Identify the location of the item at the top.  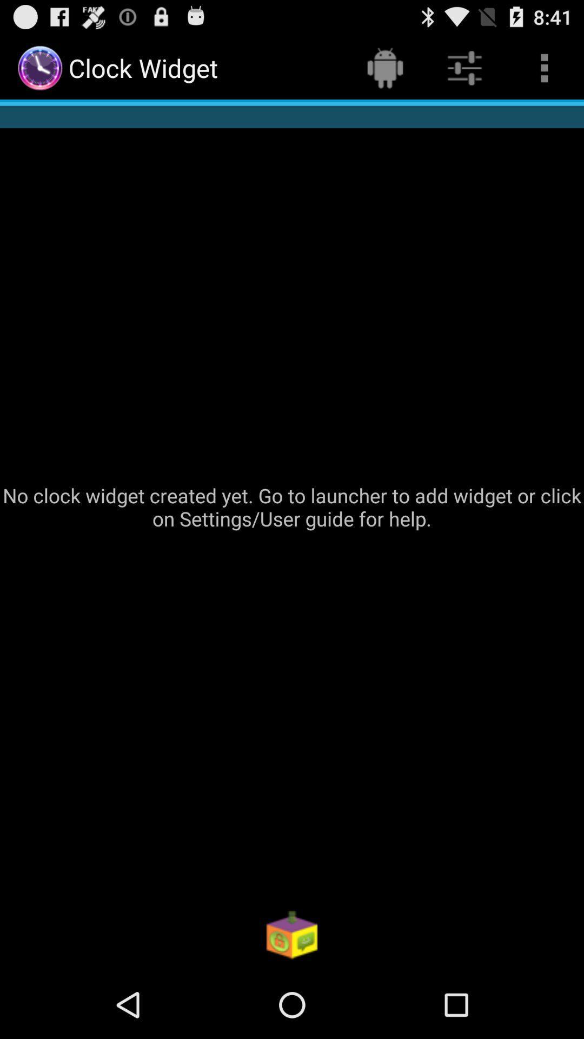
(384, 67).